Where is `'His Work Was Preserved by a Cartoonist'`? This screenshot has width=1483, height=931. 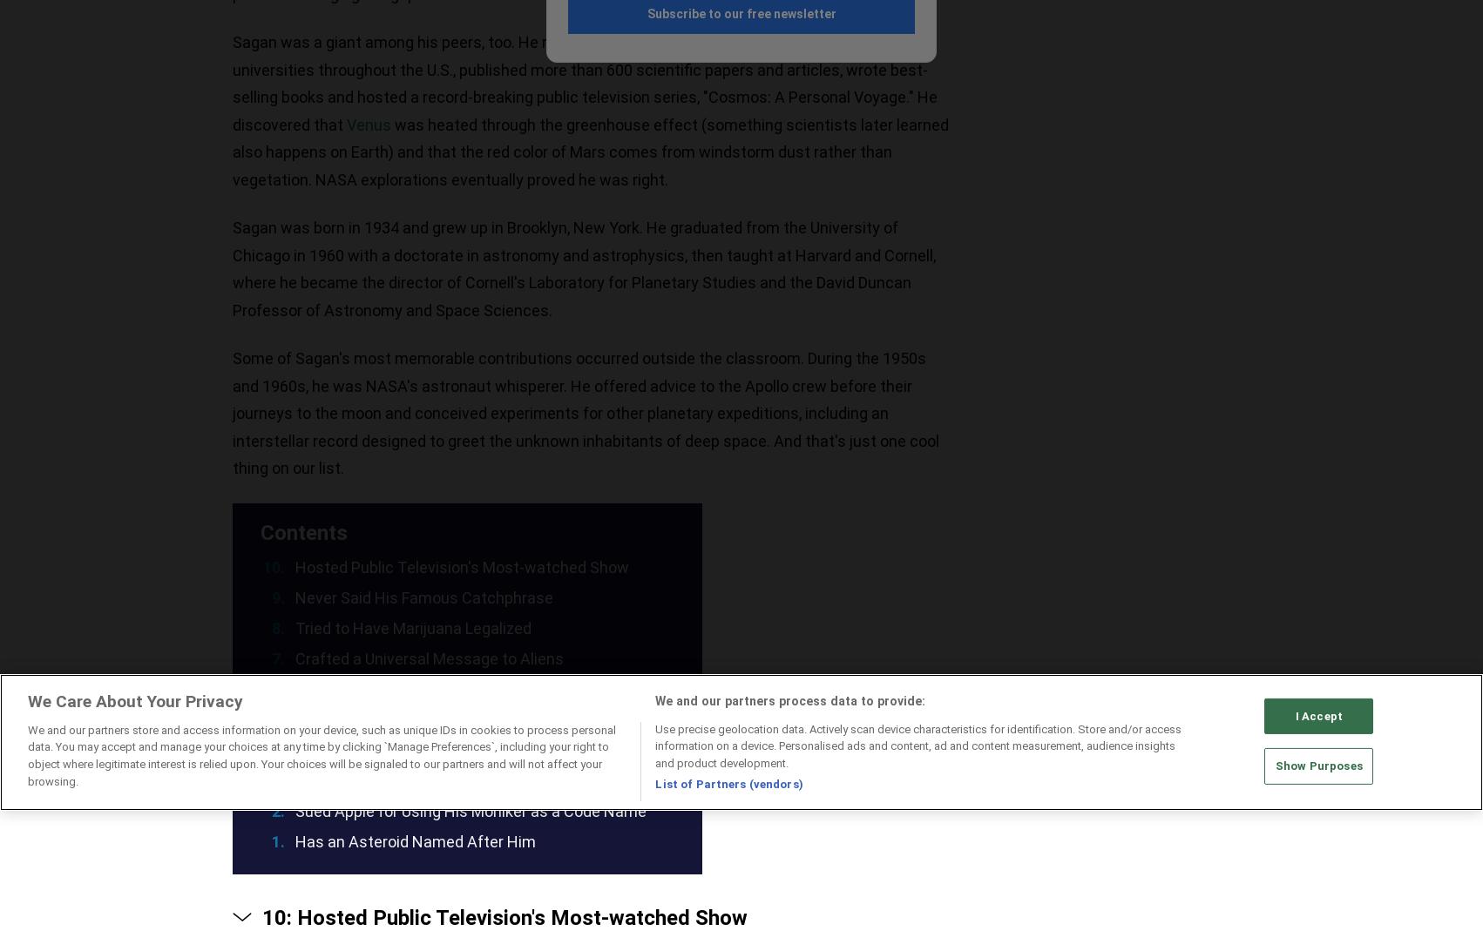
'His Work Was Preserved by a Cartoonist' is located at coordinates (295, 779).